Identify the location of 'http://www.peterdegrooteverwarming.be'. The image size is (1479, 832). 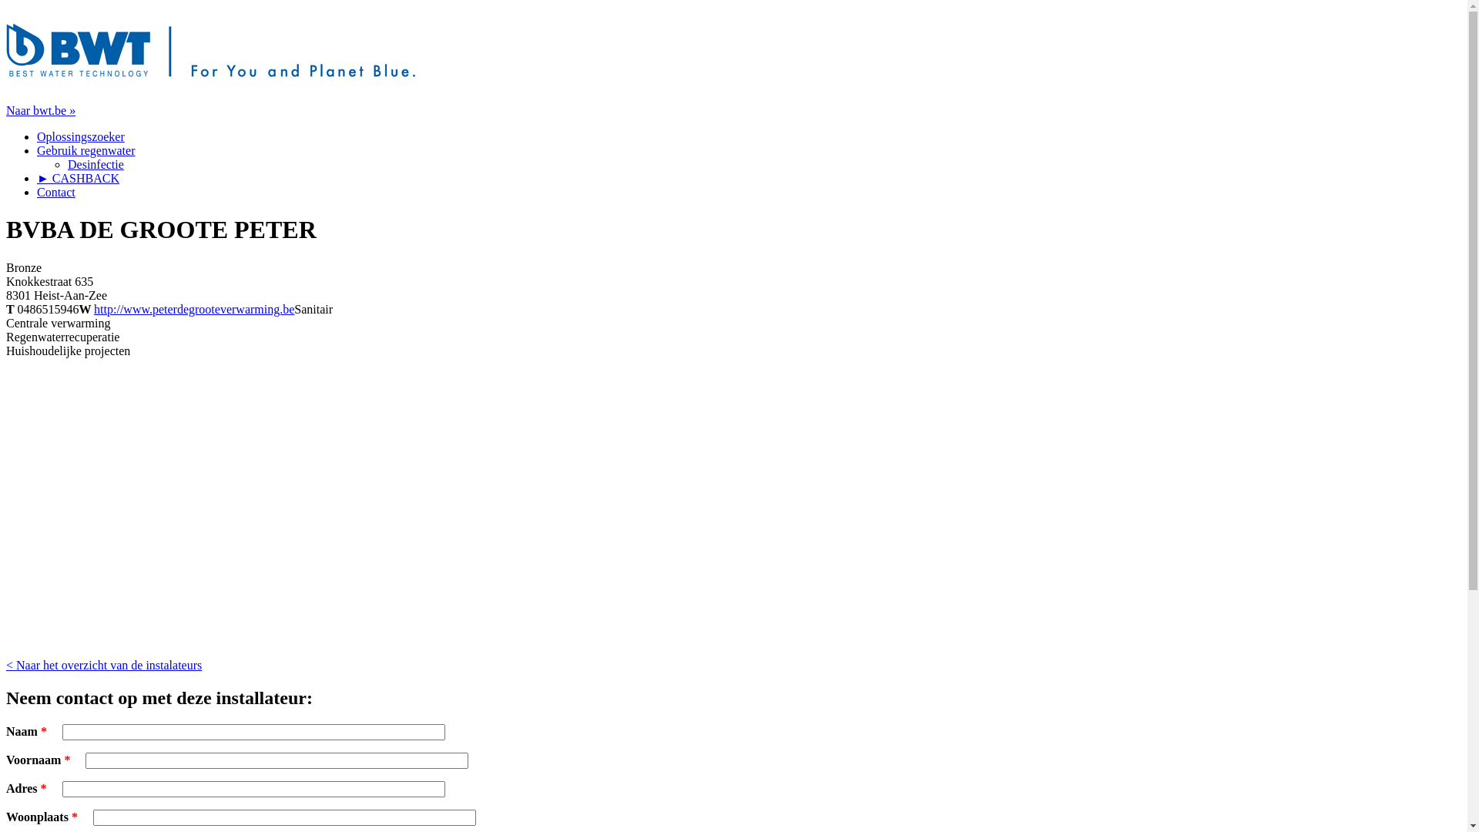
(193, 309).